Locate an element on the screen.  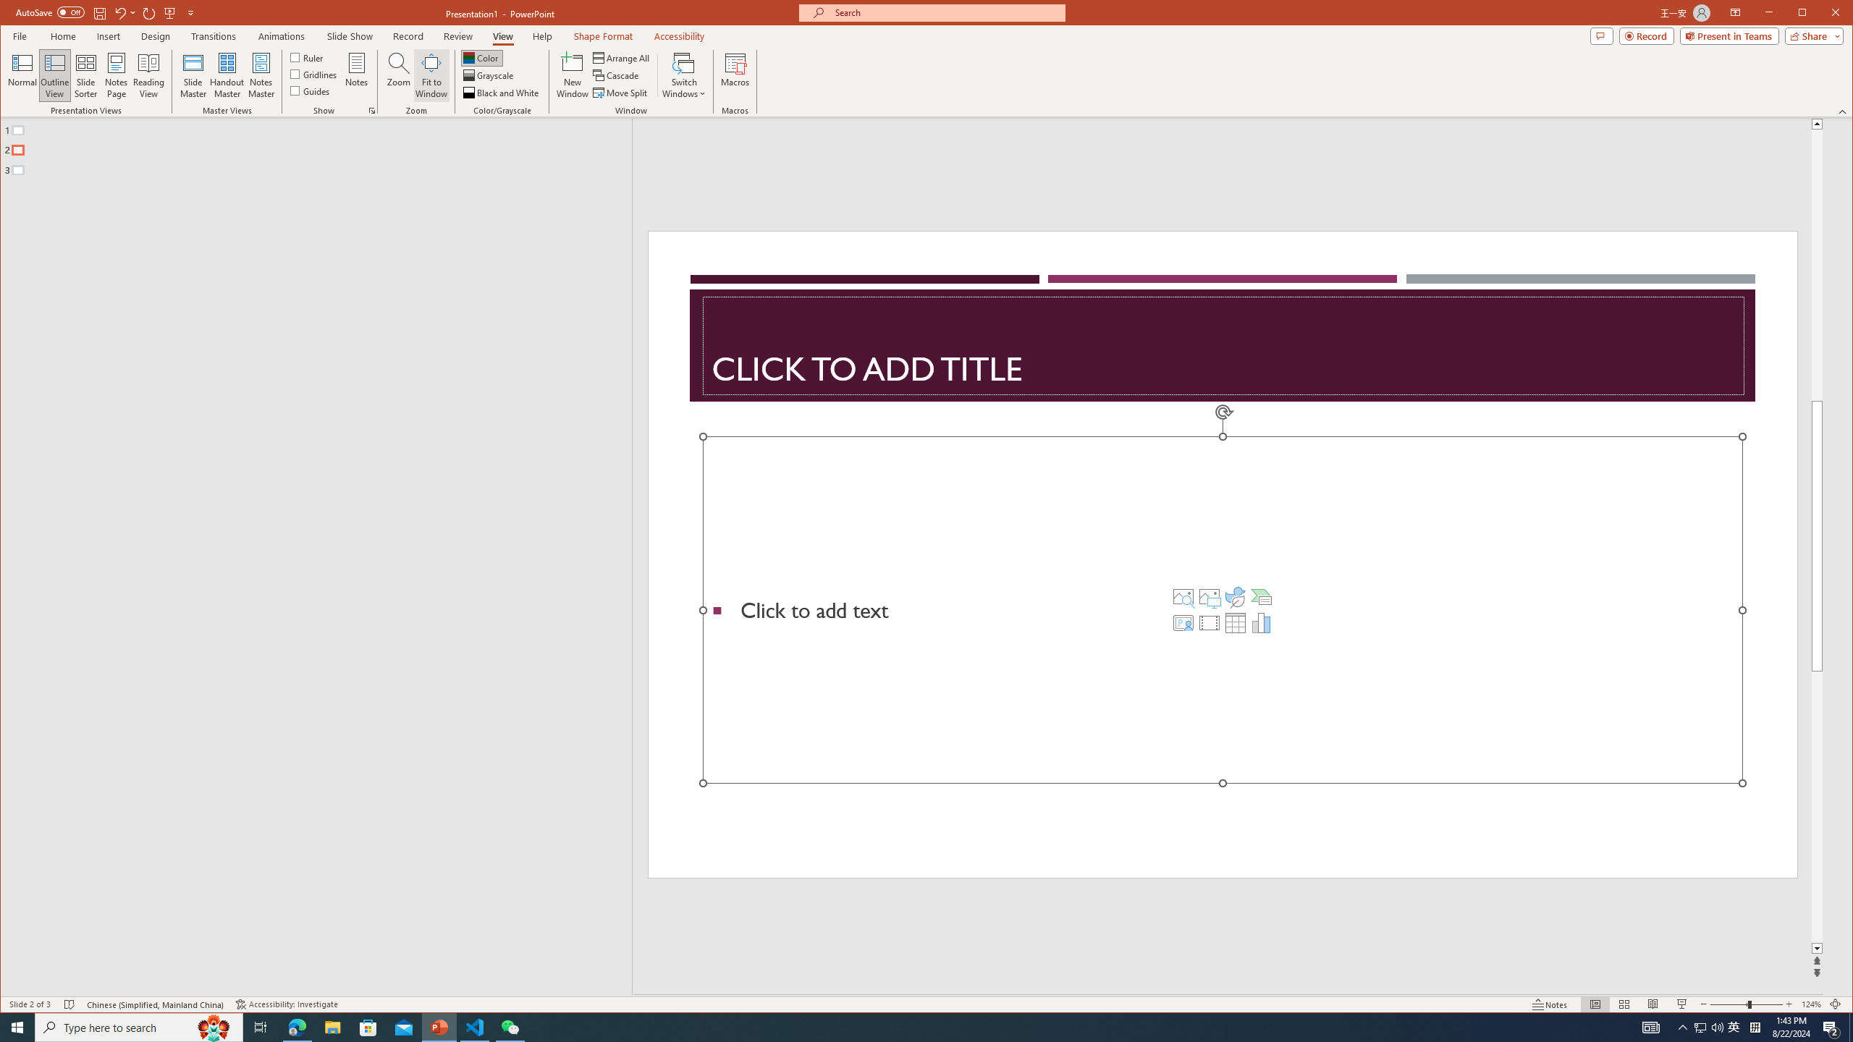
'Grid Settings...' is located at coordinates (371, 111).